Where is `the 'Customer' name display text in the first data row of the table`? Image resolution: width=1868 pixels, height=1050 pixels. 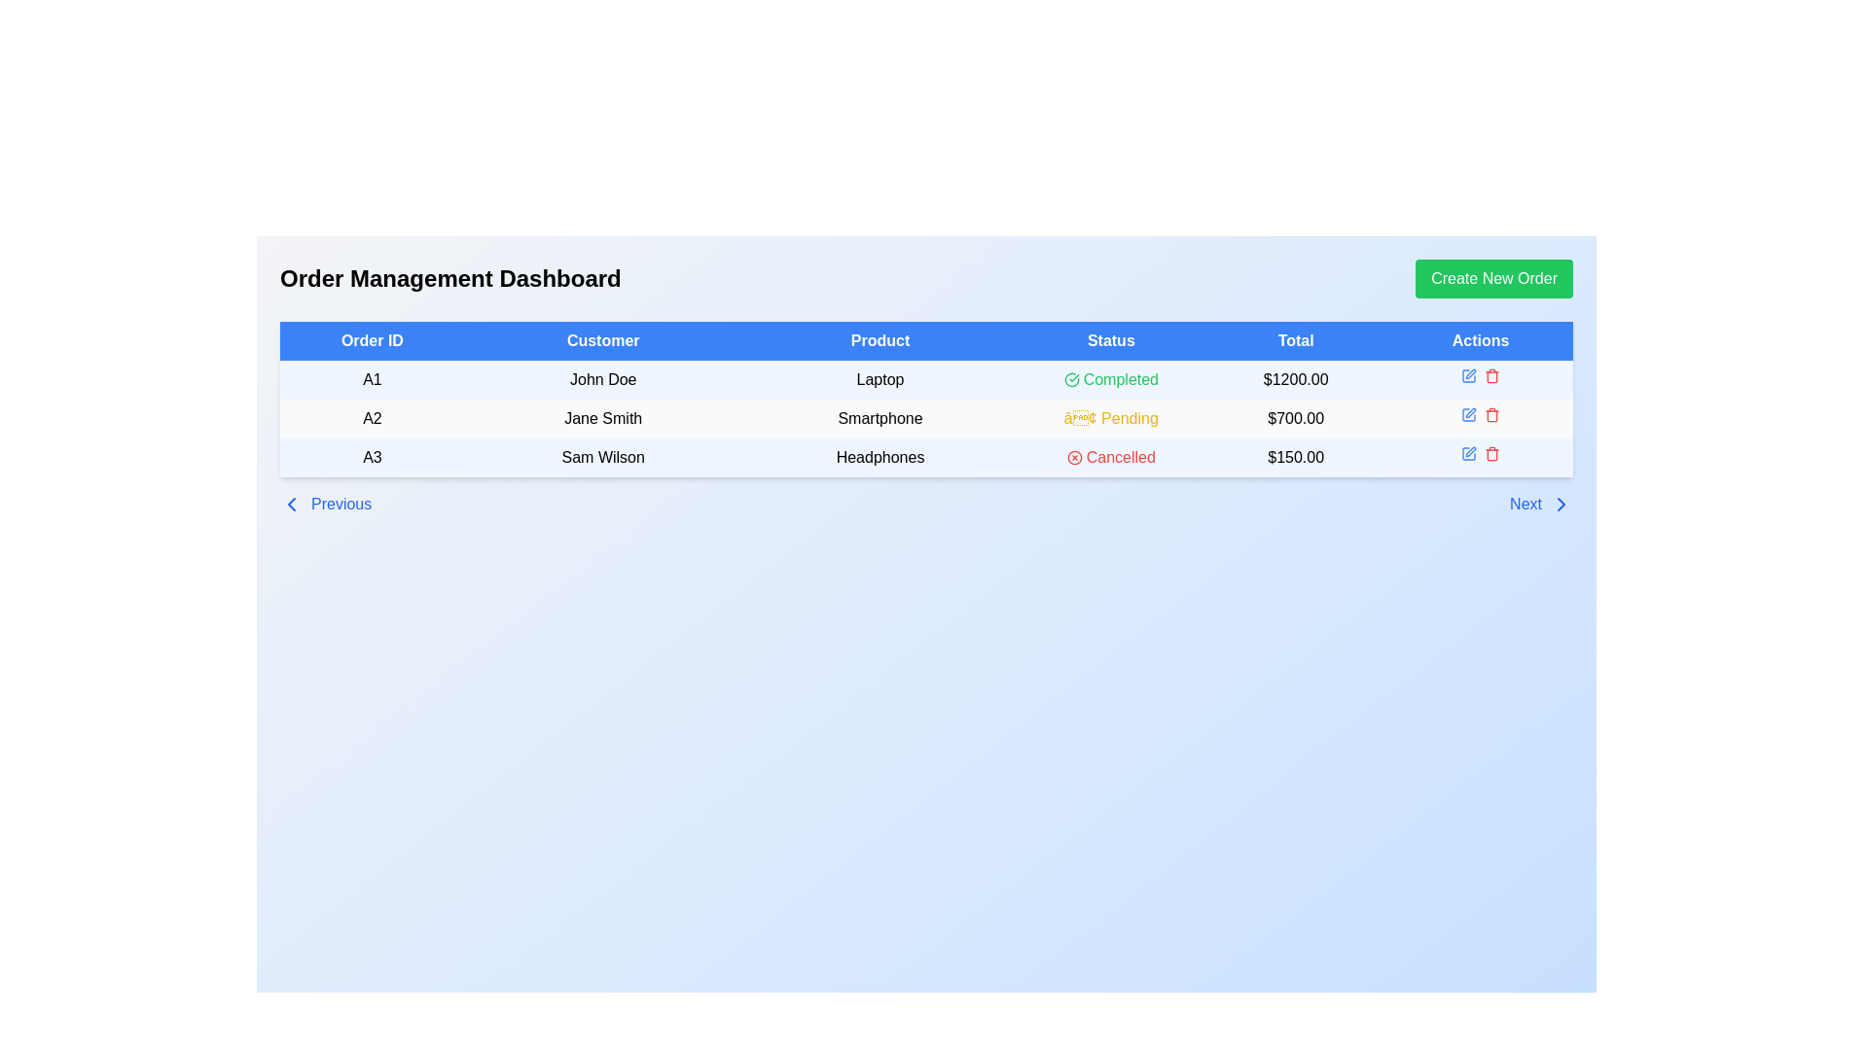 the 'Customer' name display text in the first data row of the table is located at coordinates (602, 379).